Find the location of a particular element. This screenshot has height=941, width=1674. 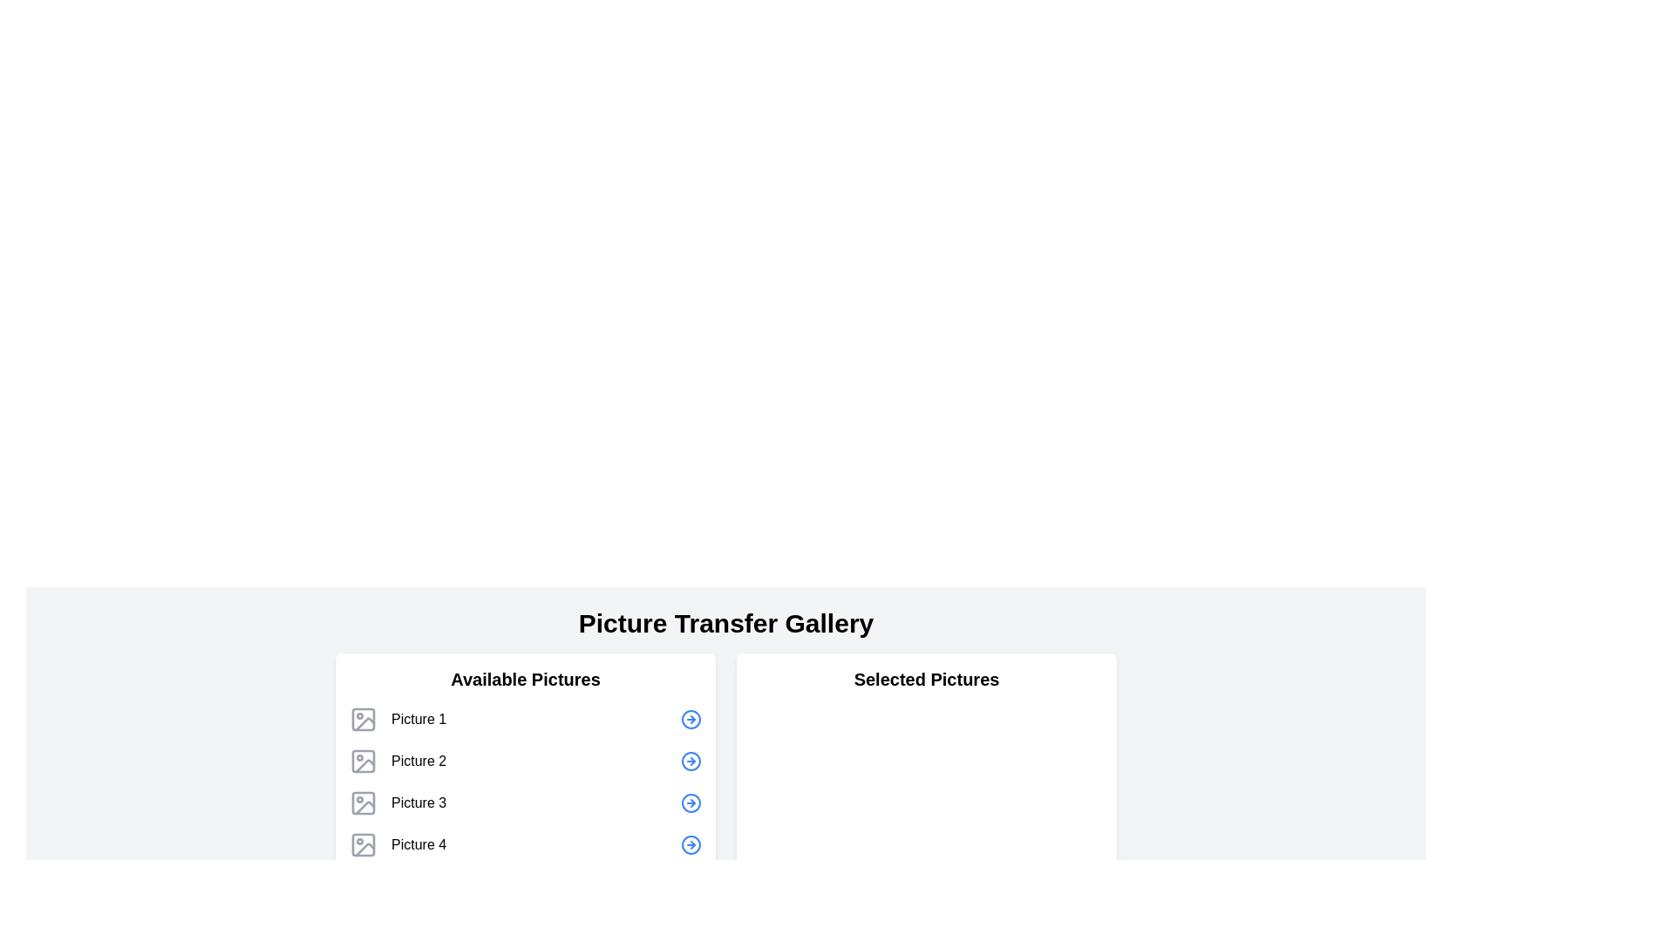

the list item in the third position of the 'Available Pictures' column is located at coordinates (397, 802).